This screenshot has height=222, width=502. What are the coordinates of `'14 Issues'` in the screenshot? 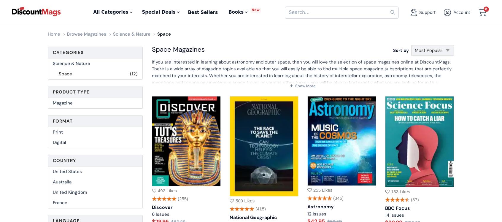 It's located at (394, 215).